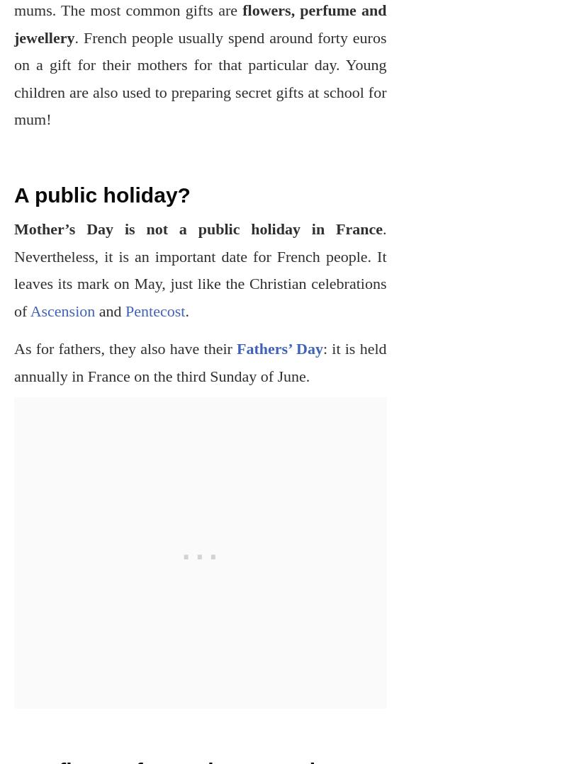  What do you see at coordinates (14, 195) in the screenshot?
I see `'A public holiday?'` at bounding box center [14, 195].